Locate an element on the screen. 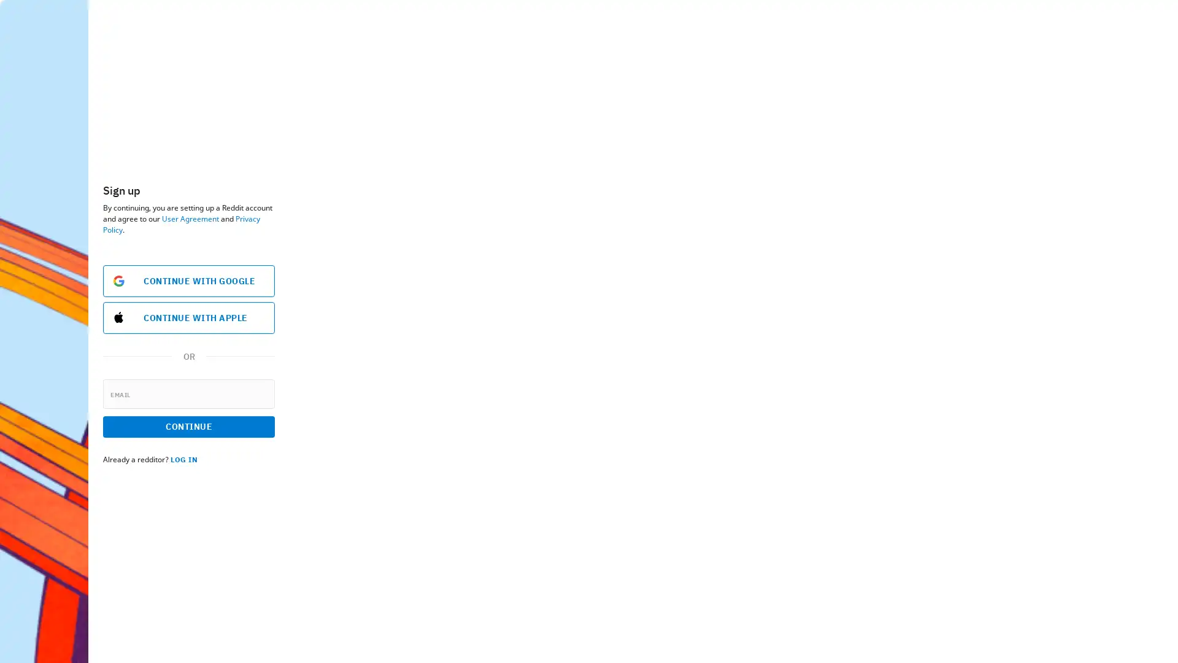 Image resolution: width=1178 pixels, height=663 pixels. Sign in with Apple is located at coordinates (218, 316).